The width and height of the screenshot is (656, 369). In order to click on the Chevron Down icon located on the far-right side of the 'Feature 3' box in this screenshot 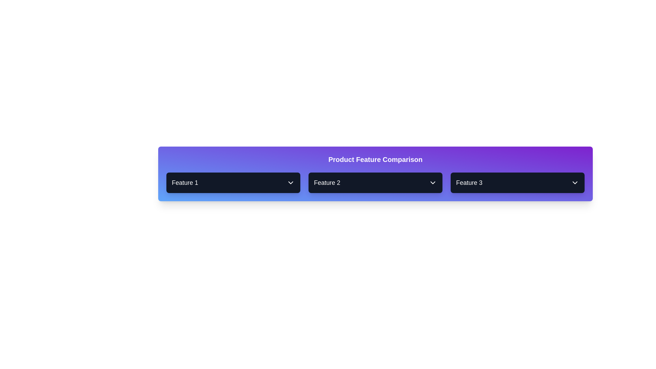, I will do `click(575, 182)`.